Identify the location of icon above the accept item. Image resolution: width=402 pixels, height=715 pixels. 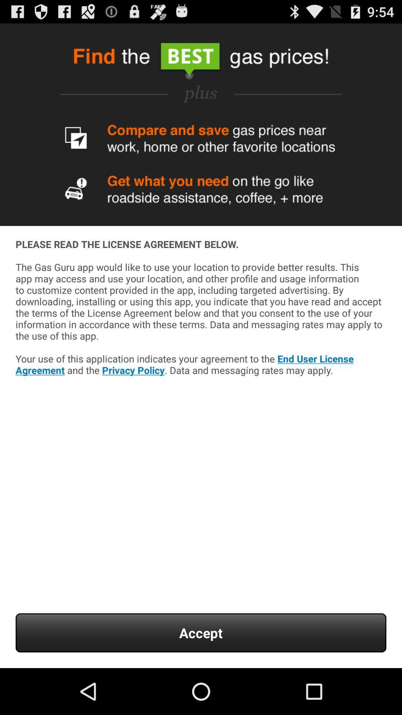
(201, 328).